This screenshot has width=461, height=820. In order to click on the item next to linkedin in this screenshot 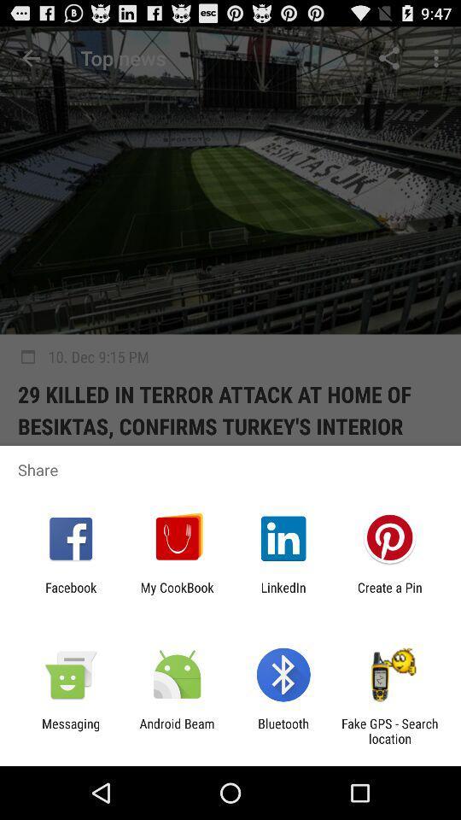, I will do `click(389, 594)`.